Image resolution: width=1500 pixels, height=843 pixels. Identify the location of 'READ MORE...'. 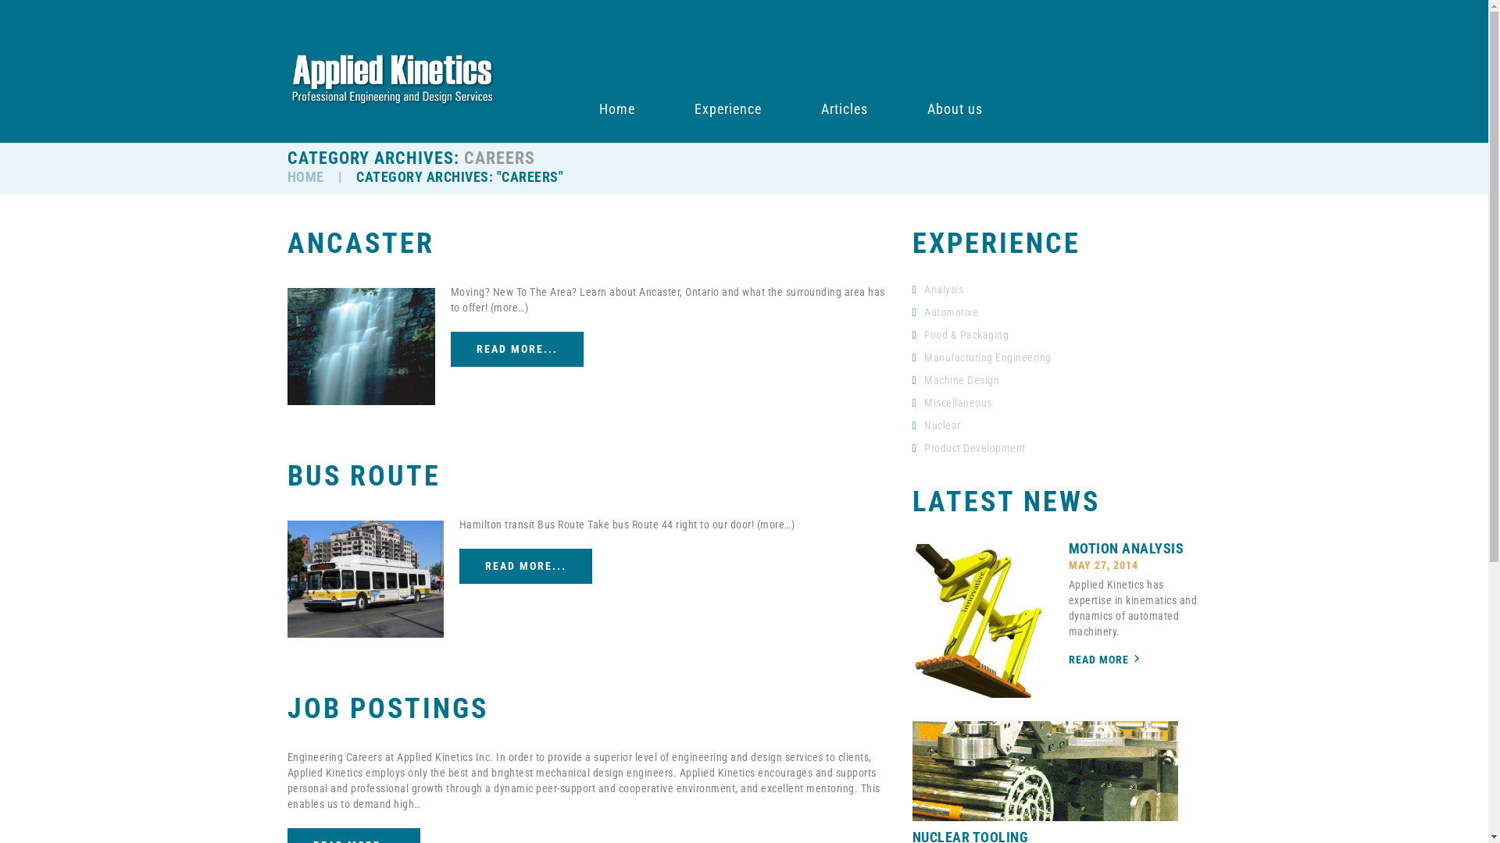
(516, 348).